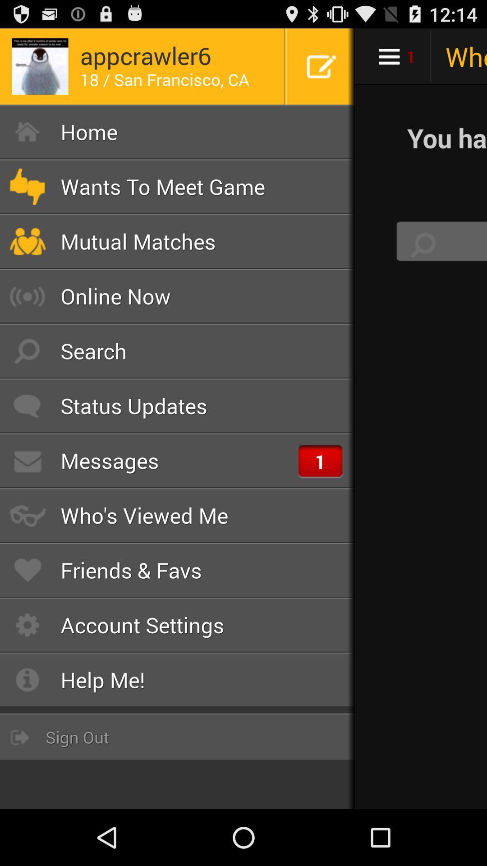 The width and height of the screenshot is (487, 866). Describe the element at coordinates (39, 66) in the screenshot. I see `the image on top left corner of the page` at that location.